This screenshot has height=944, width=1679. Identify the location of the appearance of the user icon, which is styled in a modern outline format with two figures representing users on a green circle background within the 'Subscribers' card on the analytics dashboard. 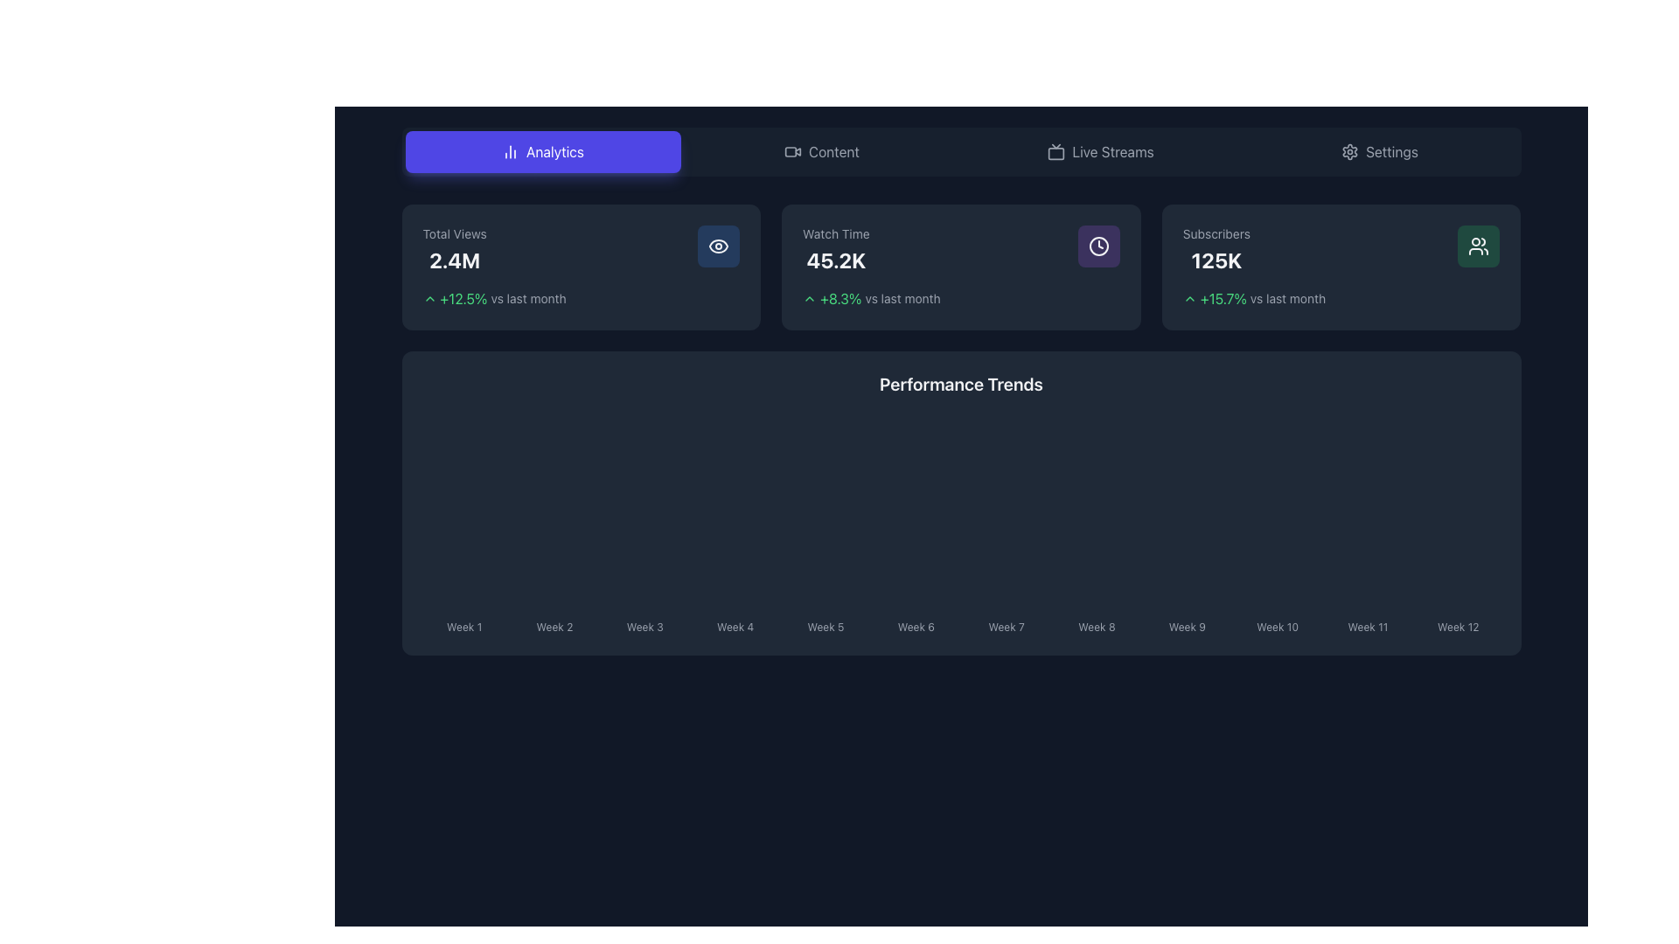
(1478, 246).